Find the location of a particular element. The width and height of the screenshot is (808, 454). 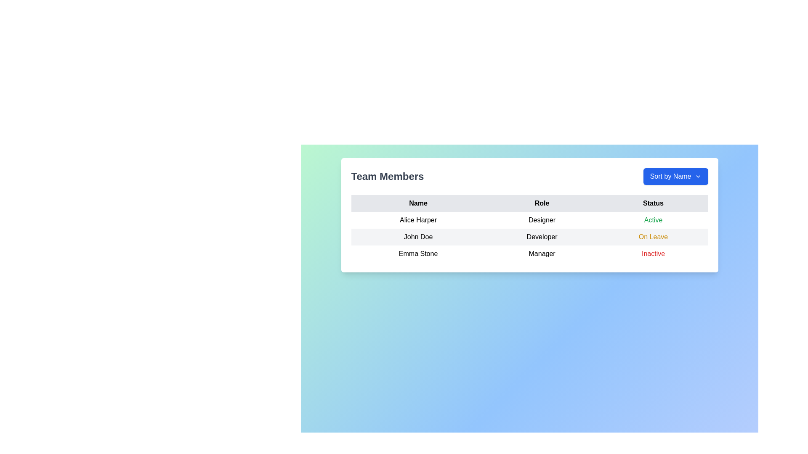

text content of the 'Manager' label located in the 'Role' column of the 'Team Members' table, which is positioned in the third row, adjacent to 'Emma Stone' and 'Inactive' is located at coordinates (542, 253).